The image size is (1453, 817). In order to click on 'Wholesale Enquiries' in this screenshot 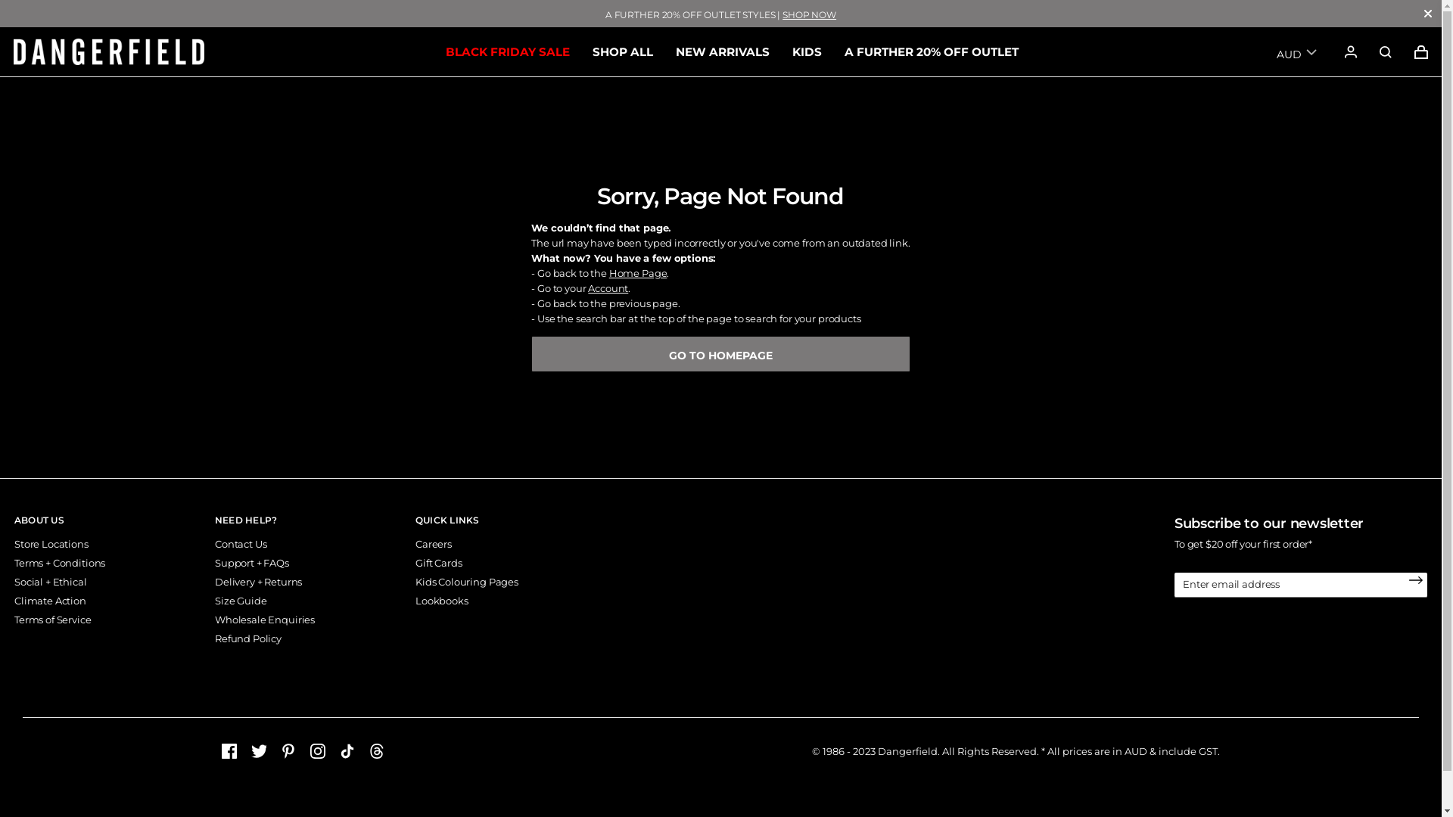, I will do `click(265, 619)`.